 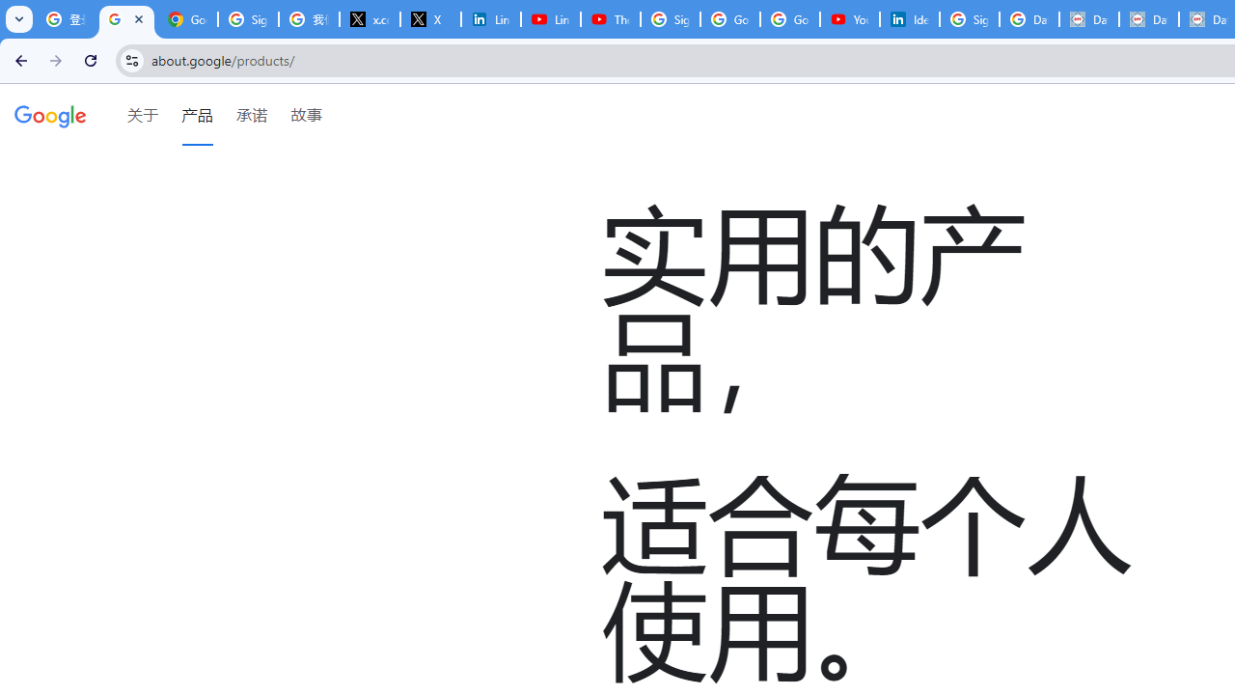 What do you see at coordinates (549, 19) in the screenshot?
I see `'LinkedIn - YouTube'` at bounding box center [549, 19].